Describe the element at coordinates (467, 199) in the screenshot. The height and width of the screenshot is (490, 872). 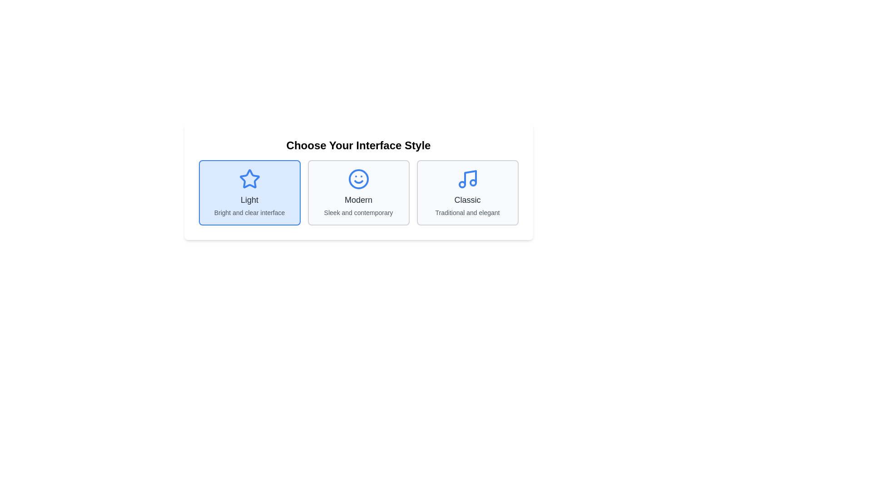
I see `the text label that displays 'Classic', which is styled in gray on a white background and located below a musical icon and above the text 'Traditional and elegant'` at that location.